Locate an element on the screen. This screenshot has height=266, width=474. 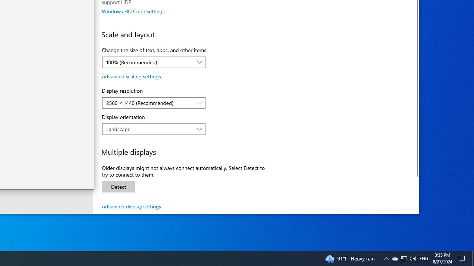
'Tray Input Indicator - English (United States)' is located at coordinates (424, 258).